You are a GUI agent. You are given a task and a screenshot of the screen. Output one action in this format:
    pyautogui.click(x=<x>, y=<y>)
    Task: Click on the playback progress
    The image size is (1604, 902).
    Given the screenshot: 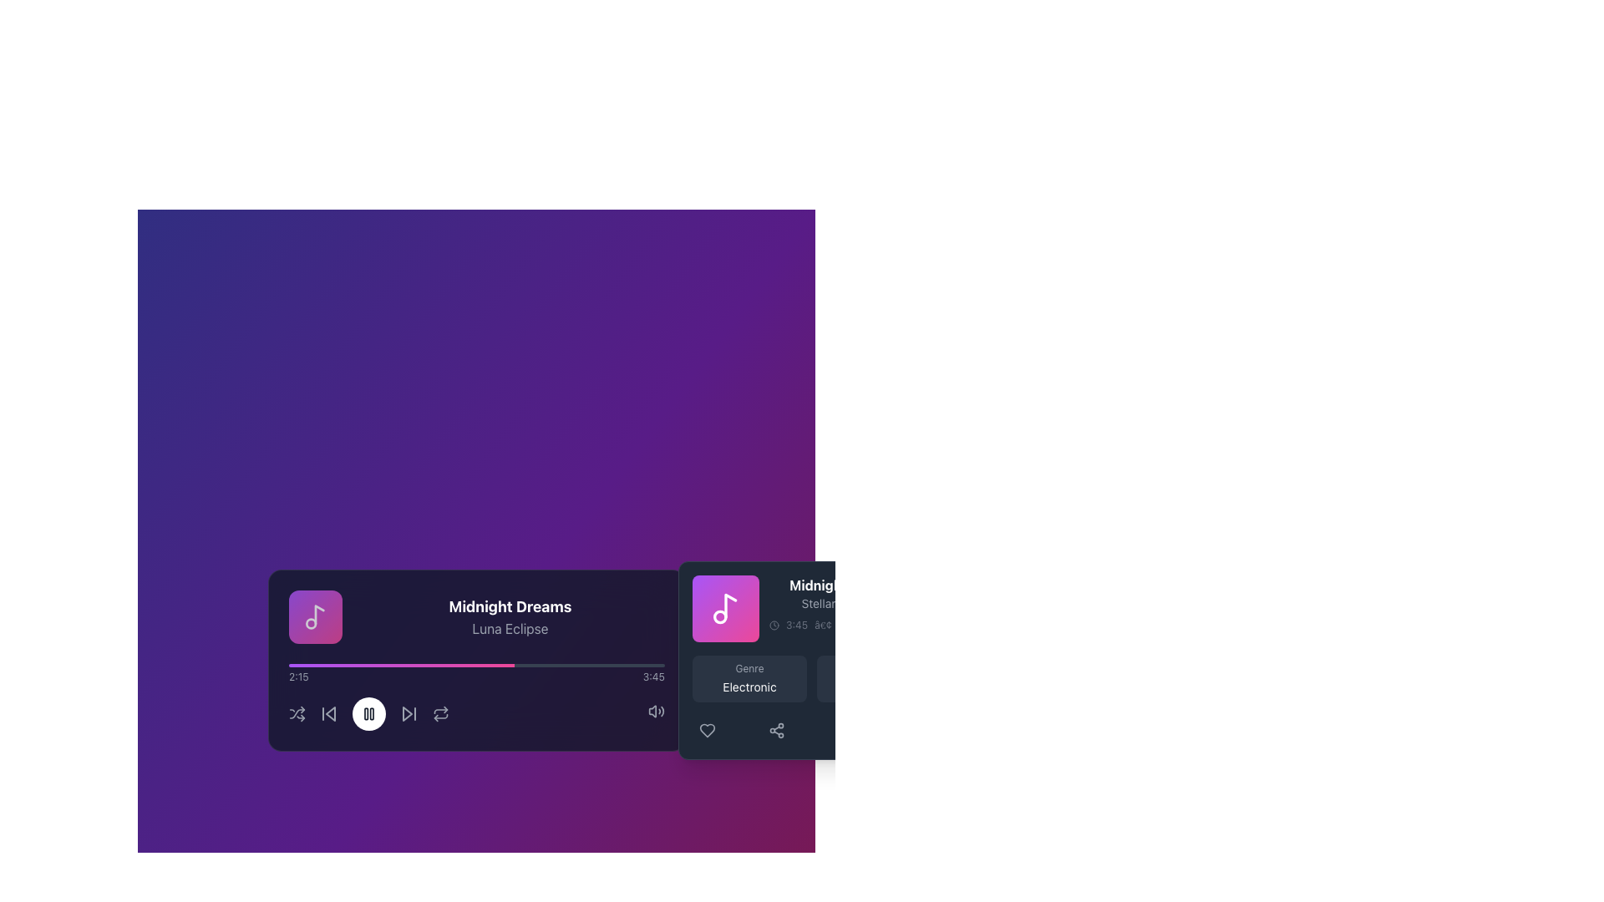 What is the action you would take?
    pyautogui.click(x=393, y=665)
    